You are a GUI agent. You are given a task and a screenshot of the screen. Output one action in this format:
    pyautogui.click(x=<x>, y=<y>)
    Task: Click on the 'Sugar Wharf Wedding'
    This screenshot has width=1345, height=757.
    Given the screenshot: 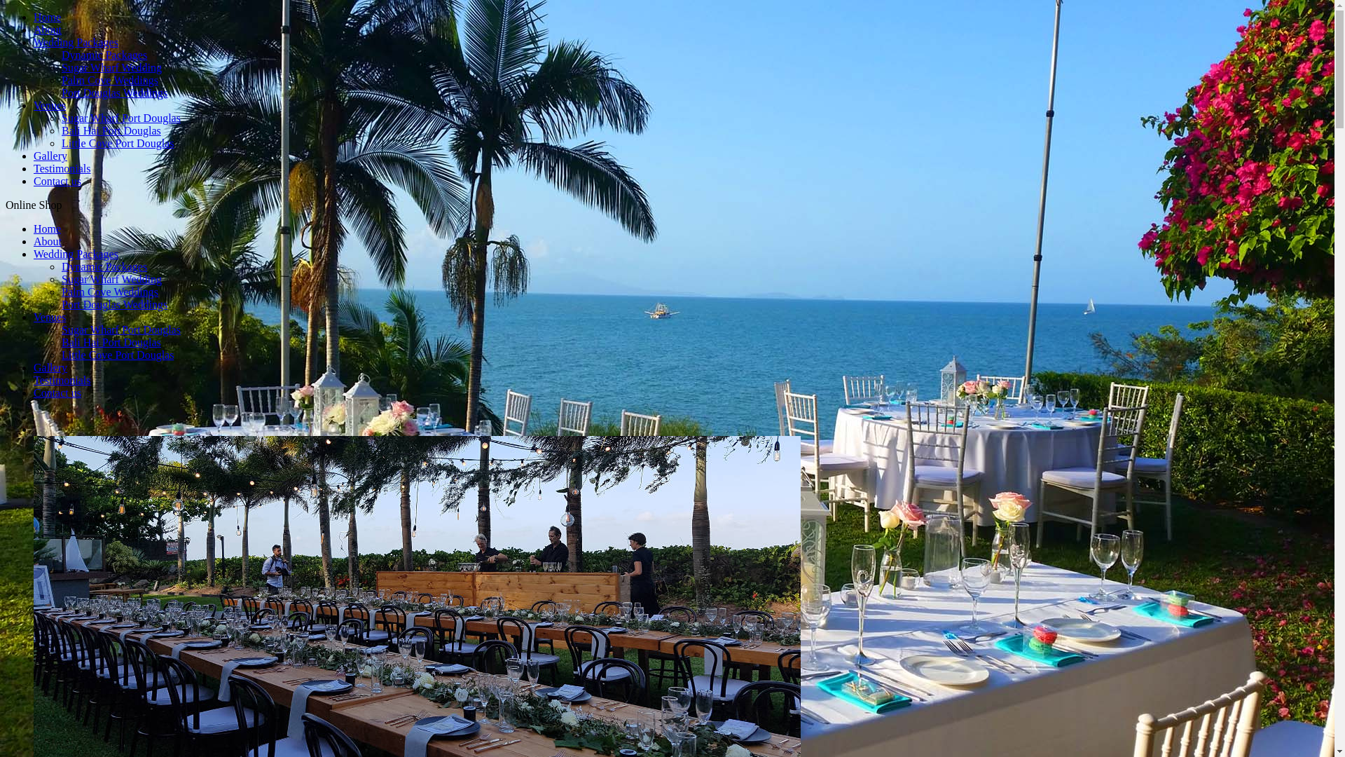 What is the action you would take?
    pyautogui.click(x=60, y=279)
    